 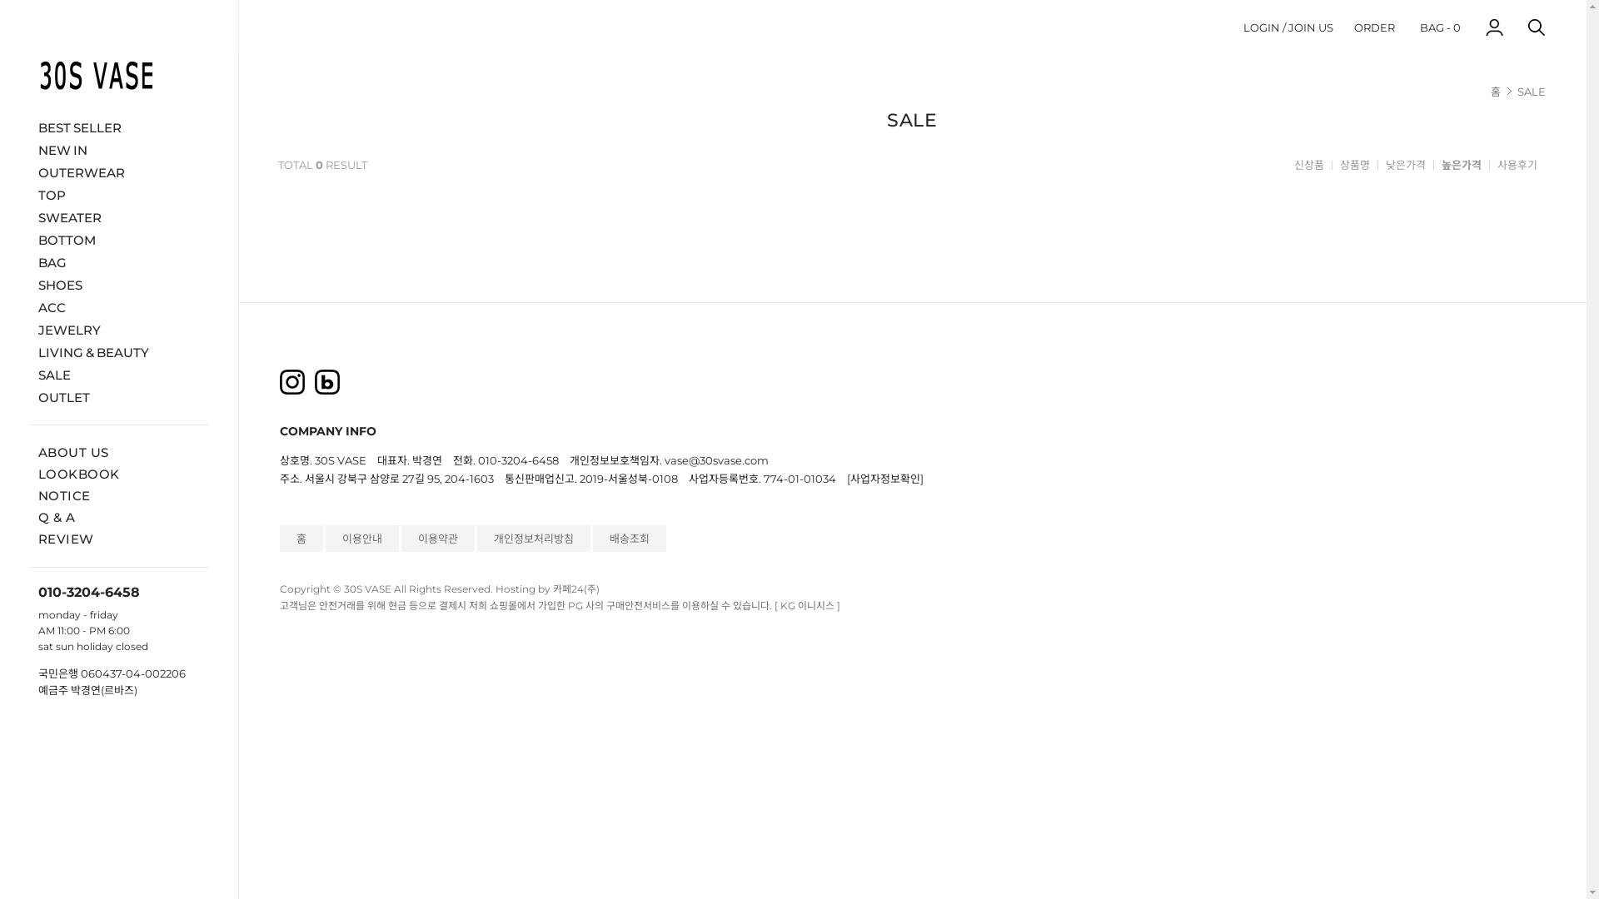 What do you see at coordinates (1531, 92) in the screenshot?
I see `'SALE'` at bounding box center [1531, 92].